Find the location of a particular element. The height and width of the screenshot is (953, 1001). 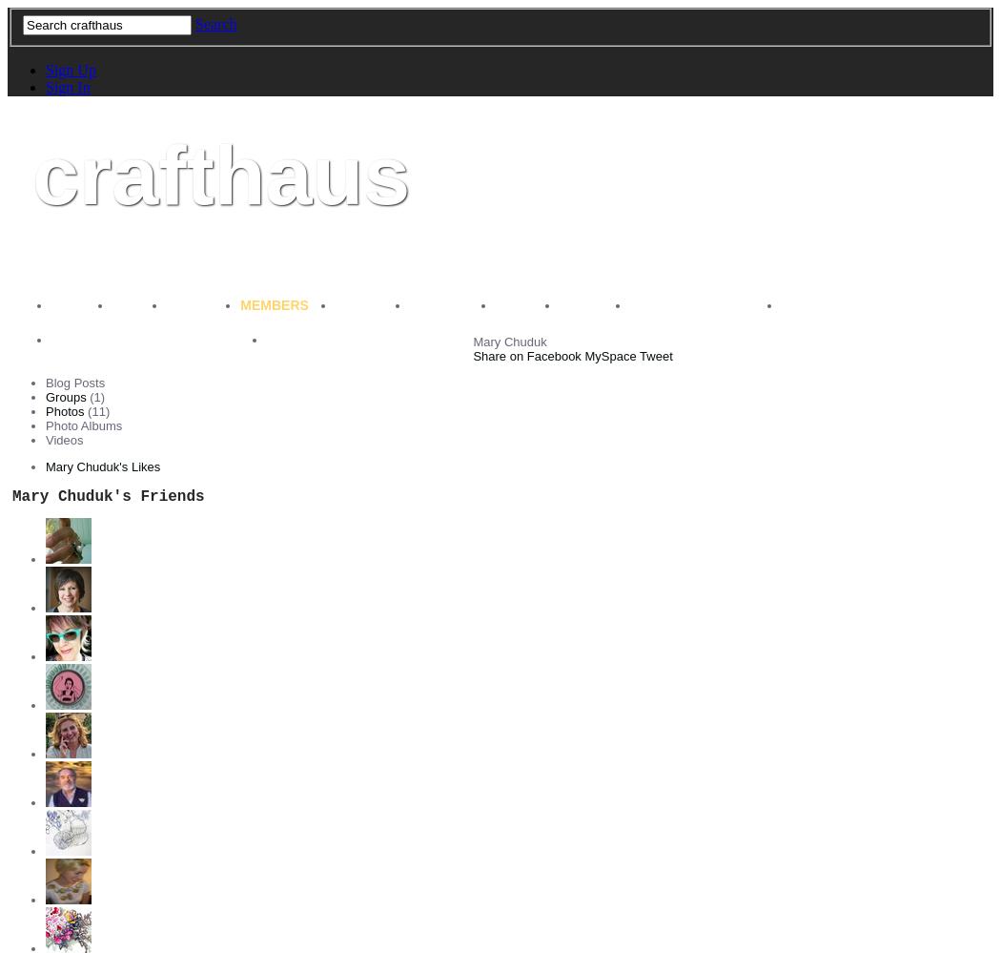

'Share on Facebook' is located at coordinates (526, 355).